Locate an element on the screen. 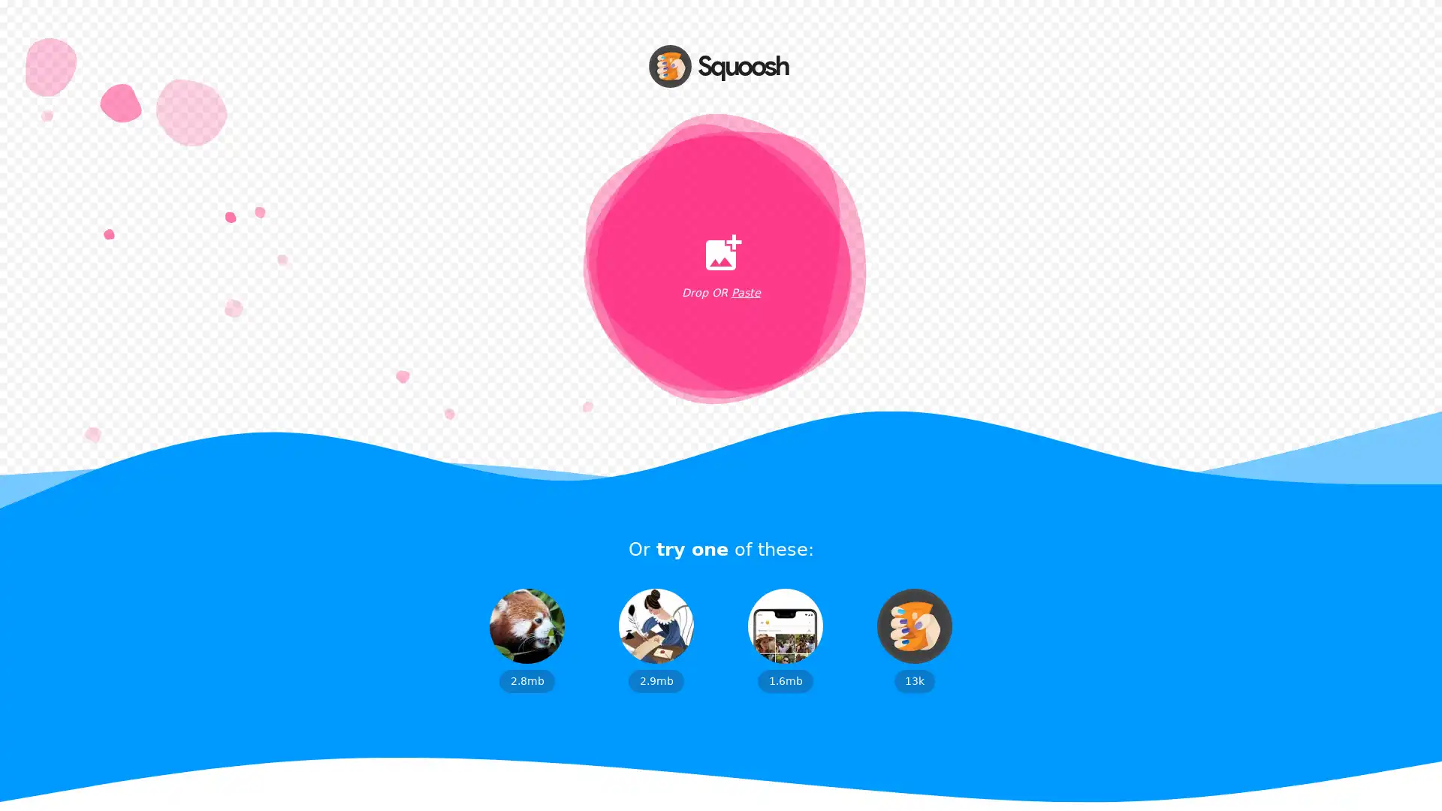 The image size is (1442, 811). Artwork 2.9mb is located at coordinates (656, 640).